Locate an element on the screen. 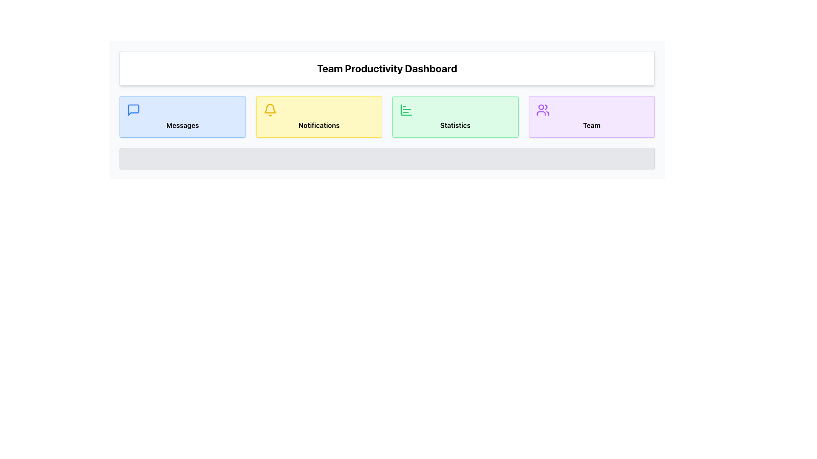  text label 'Notifications' which is a bold semibold font on a yellow background card, located in the second card from the left in the dashboard section is located at coordinates (318, 125).